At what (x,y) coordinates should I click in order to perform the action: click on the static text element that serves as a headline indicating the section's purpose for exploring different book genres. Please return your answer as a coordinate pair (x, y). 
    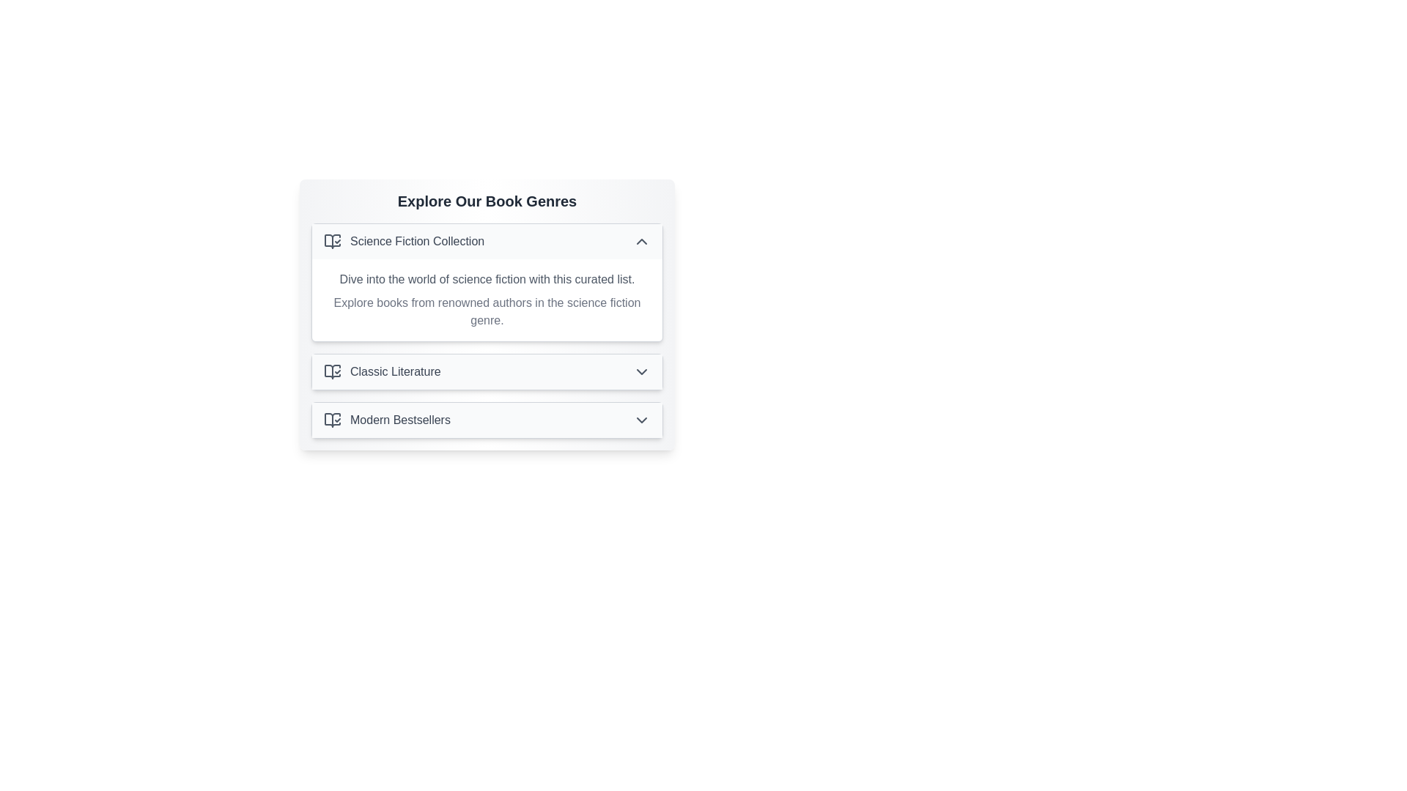
    Looking at the image, I should click on (487, 201).